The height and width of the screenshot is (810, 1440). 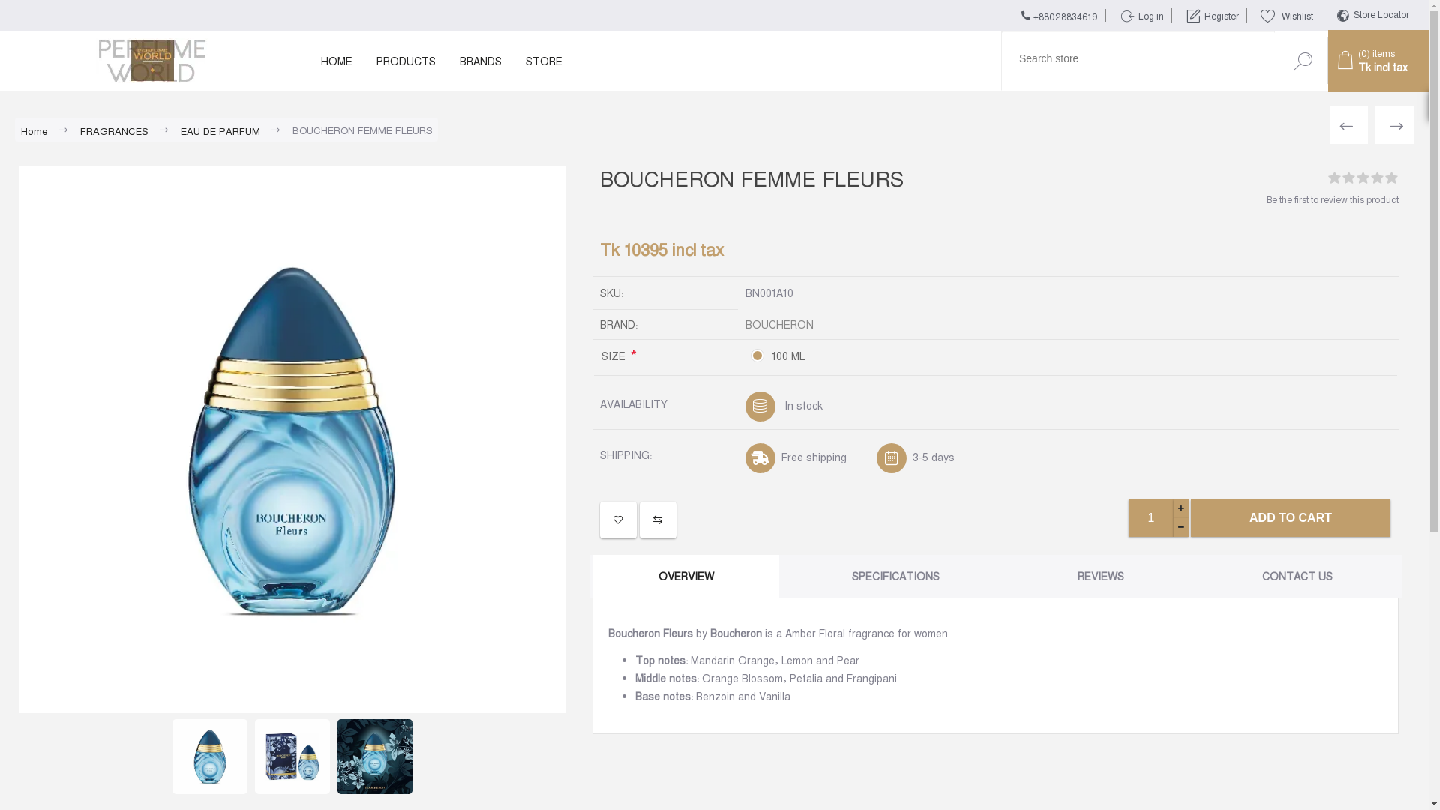 I want to click on 'Log in', so click(x=1141, y=14).